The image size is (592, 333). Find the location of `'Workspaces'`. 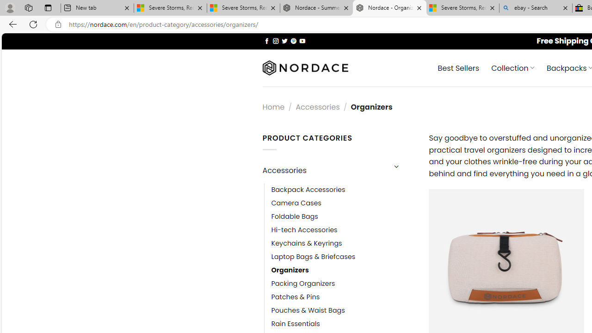

'Workspaces' is located at coordinates (28, 7).